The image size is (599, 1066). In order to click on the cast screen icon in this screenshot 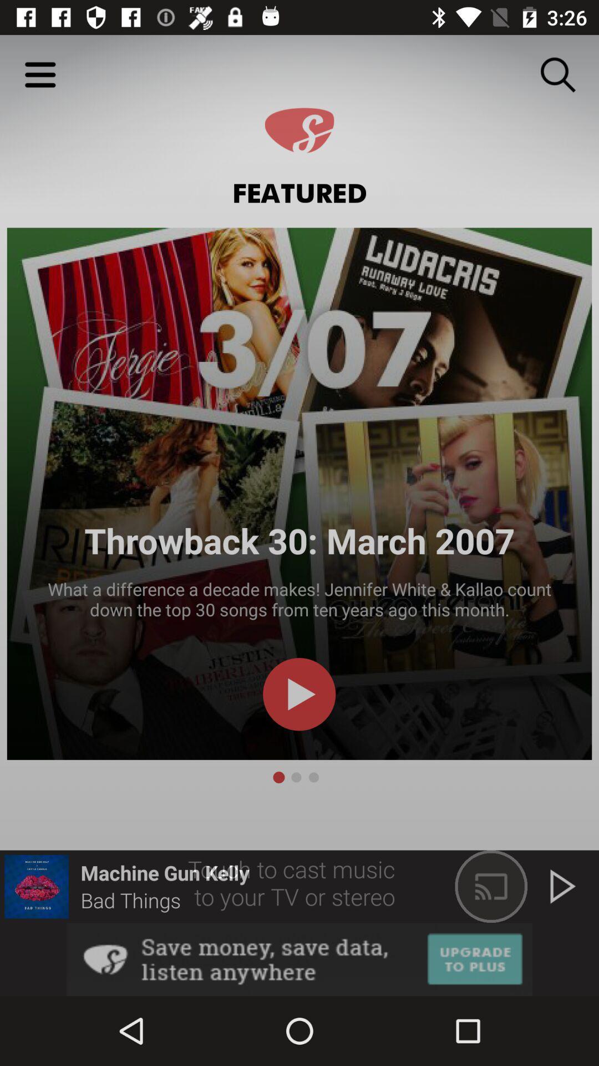, I will do `click(491, 886)`.